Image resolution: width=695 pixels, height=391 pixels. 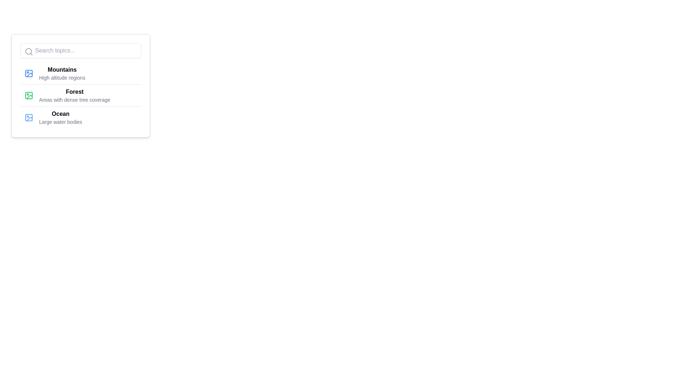 What do you see at coordinates (62, 73) in the screenshot?
I see `the informational label describing 'Mountains', which is the first option in the vertical list of items` at bounding box center [62, 73].